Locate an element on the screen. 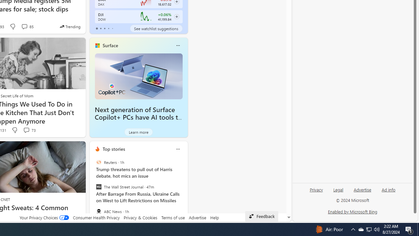  'tab-4' is located at coordinates (112, 28).